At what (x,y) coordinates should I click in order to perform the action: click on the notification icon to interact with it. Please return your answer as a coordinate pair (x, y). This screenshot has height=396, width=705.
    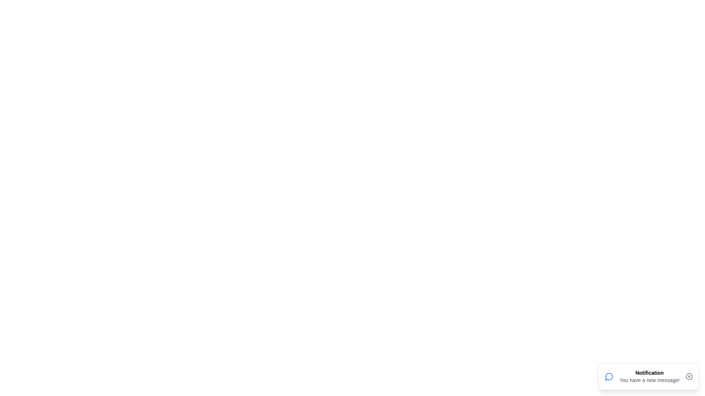
    Looking at the image, I should click on (609, 376).